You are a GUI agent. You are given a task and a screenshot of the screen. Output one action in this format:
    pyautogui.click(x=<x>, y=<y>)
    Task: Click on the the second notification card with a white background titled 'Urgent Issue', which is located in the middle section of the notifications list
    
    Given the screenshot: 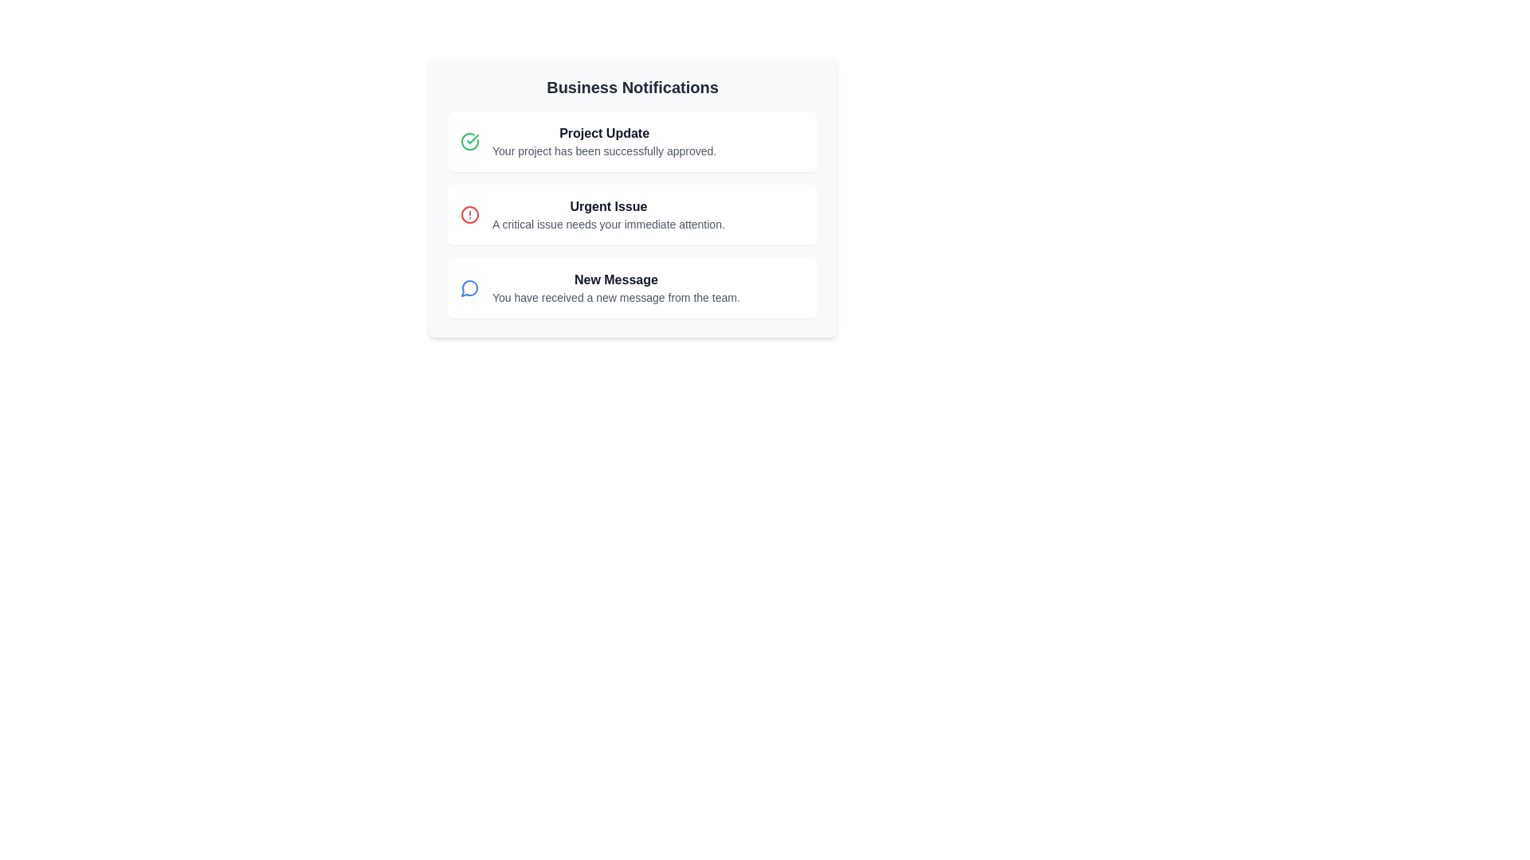 What is the action you would take?
    pyautogui.click(x=631, y=215)
    